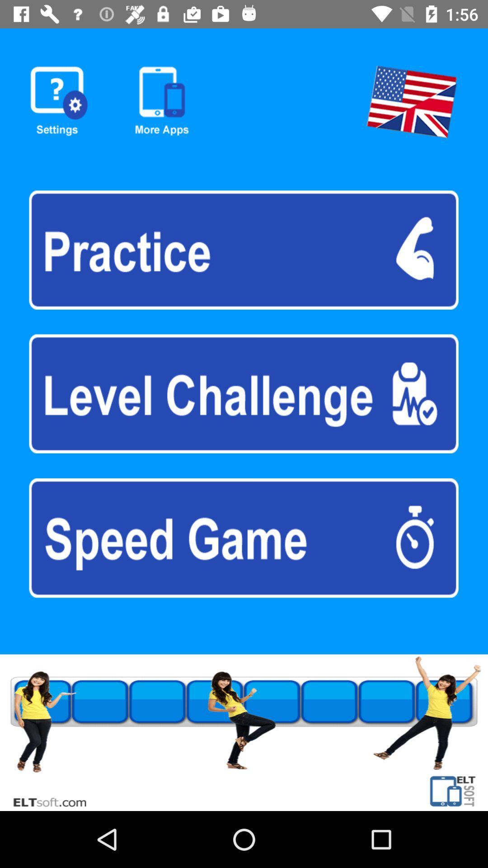  What do you see at coordinates (243, 394) in the screenshot?
I see `level challenge` at bounding box center [243, 394].